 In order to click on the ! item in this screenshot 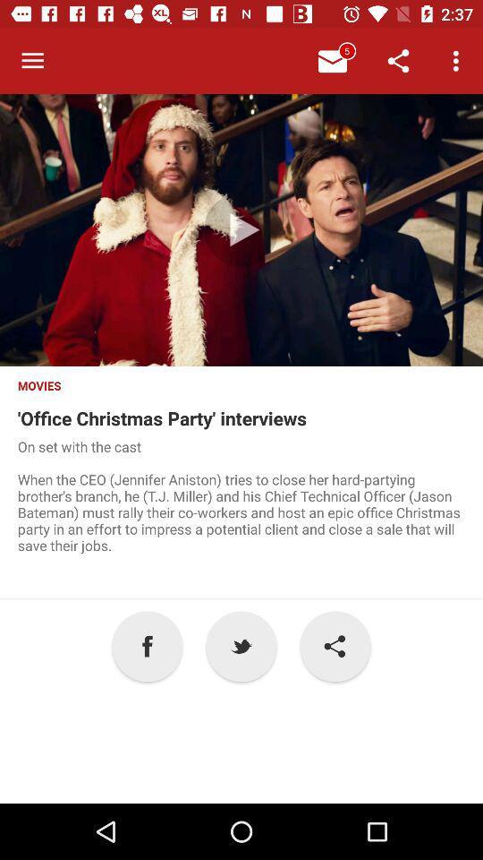, I will do `click(335, 645)`.